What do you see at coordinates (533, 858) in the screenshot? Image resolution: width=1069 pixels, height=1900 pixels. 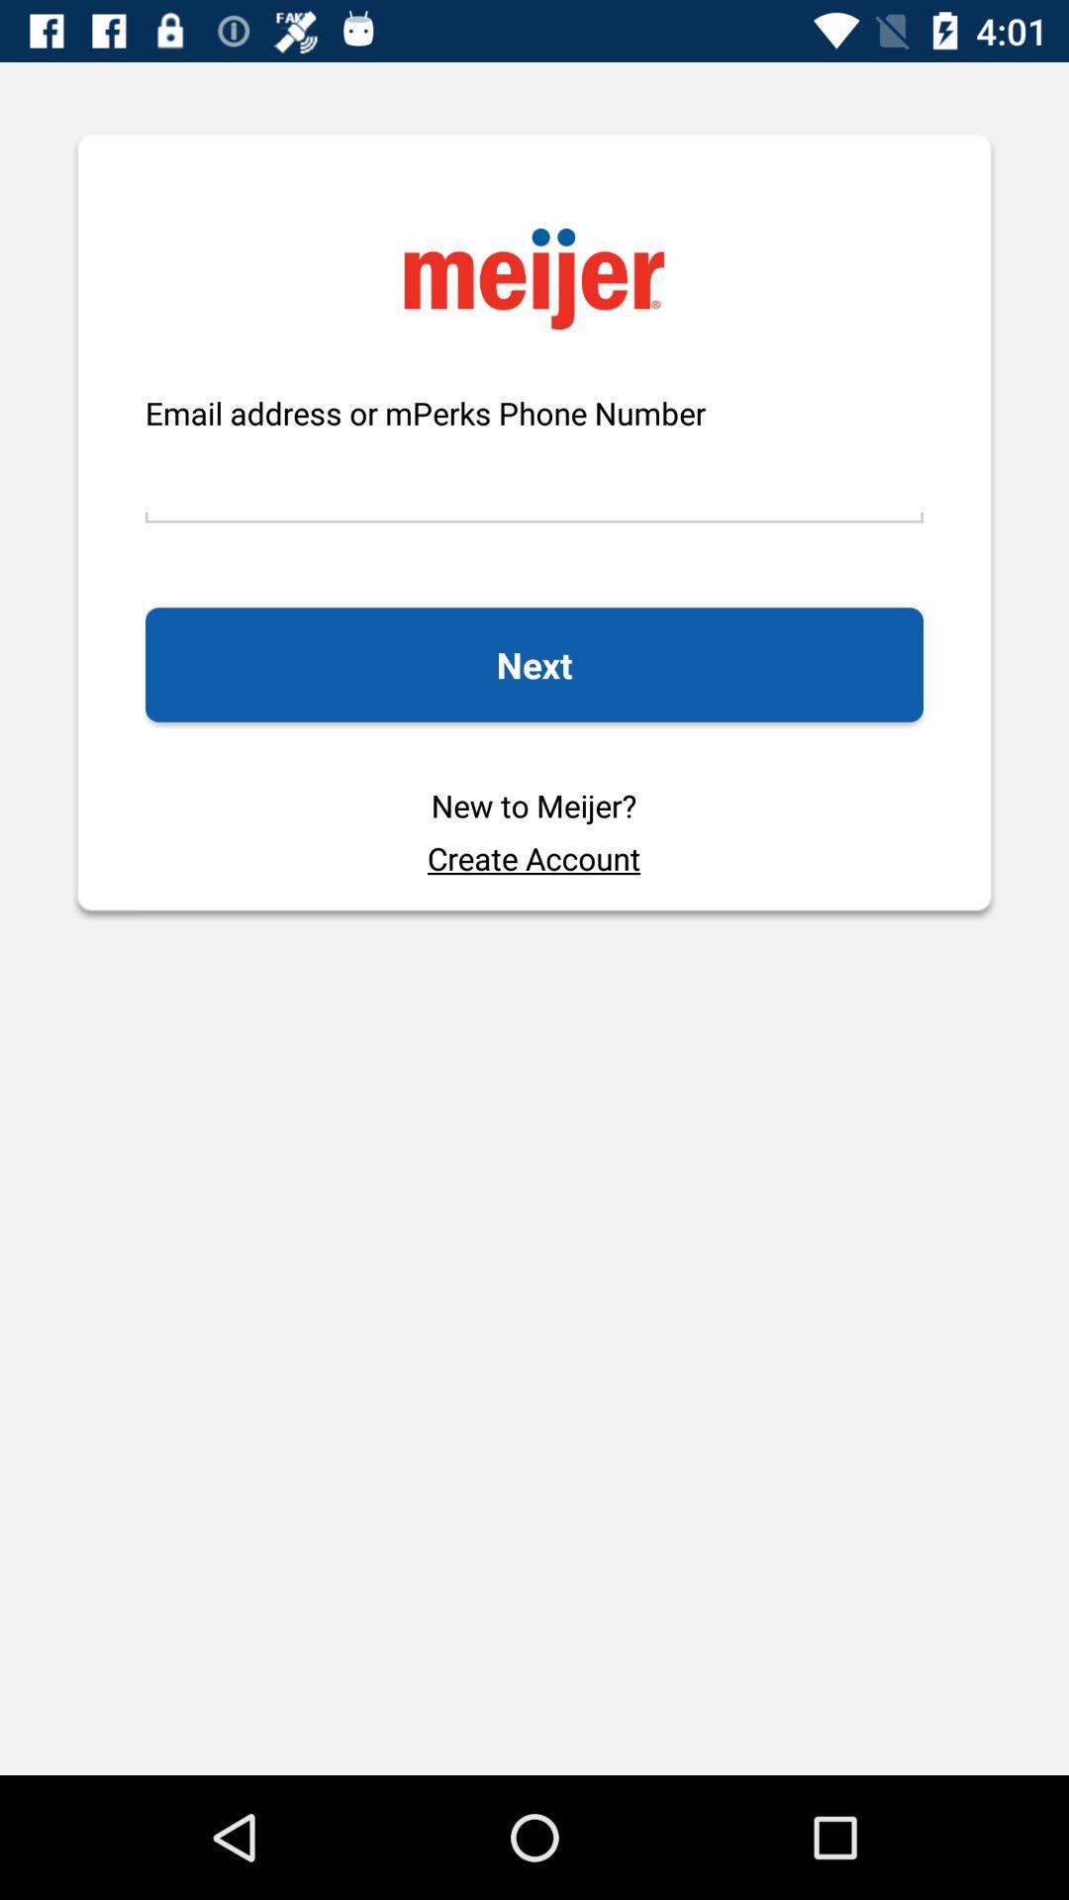 I see `icon below new to meijer?` at bounding box center [533, 858].